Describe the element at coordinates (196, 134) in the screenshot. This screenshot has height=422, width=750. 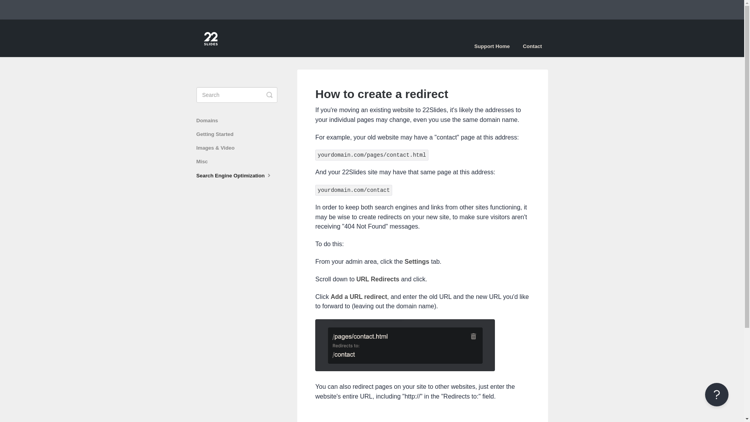
I see `'Getting Started'` at that location.